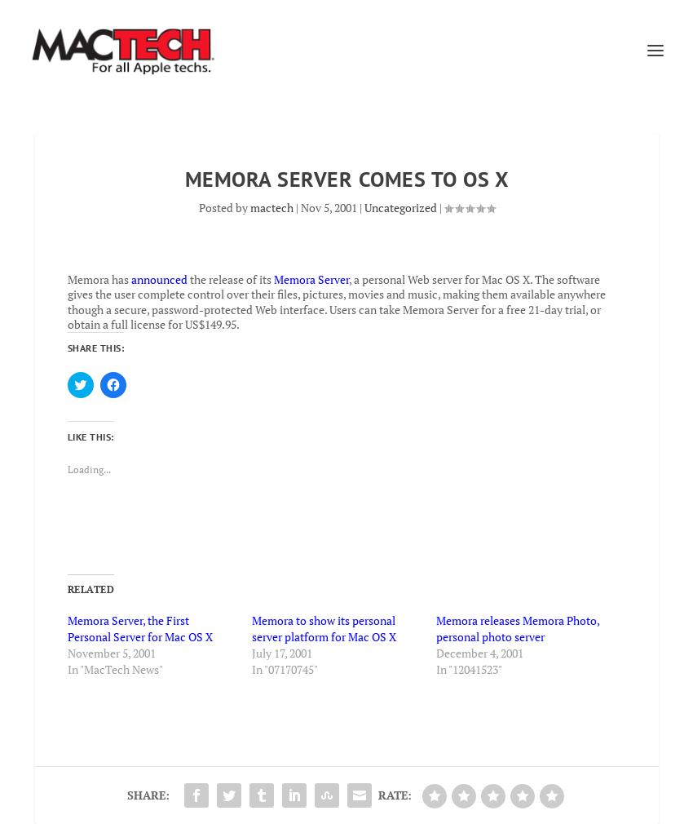 The width and height of the screenshot is (693, 824). What do you see at coordinates (346, 177) in the screenshot?
I see `'Memora Server comes to OS X'` at bounding box center [346, 177].